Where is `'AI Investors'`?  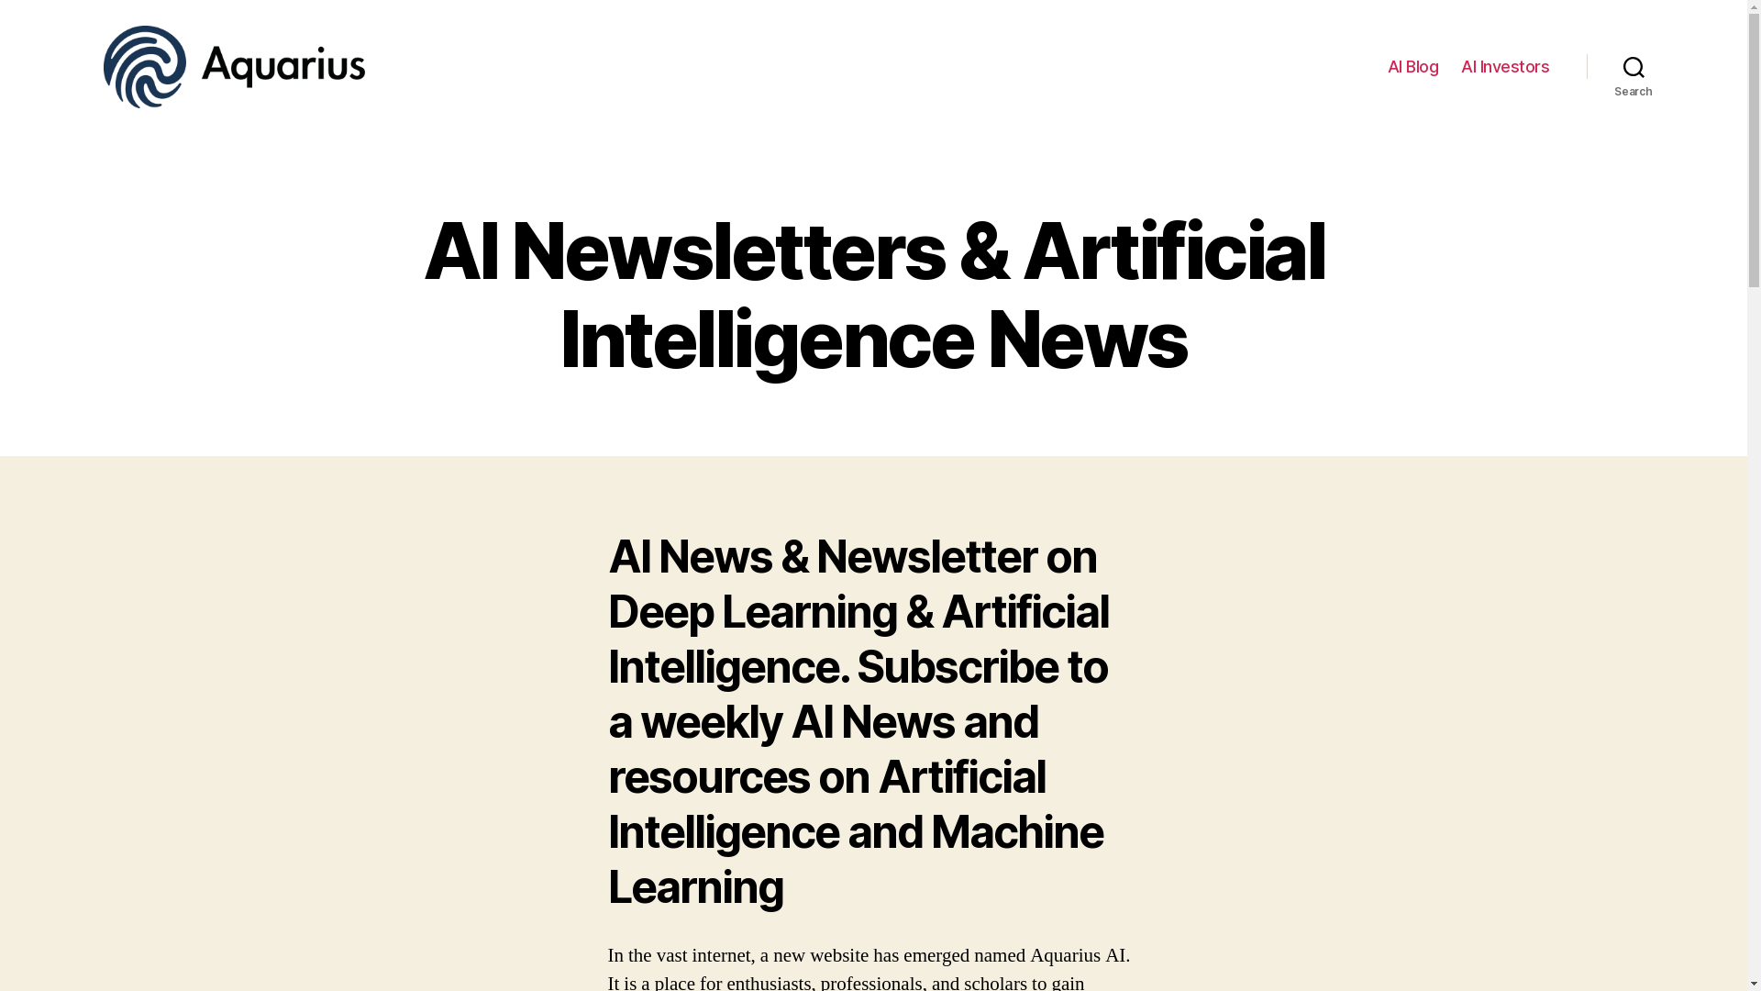
'AI Investors' is located at coordinates (1460, 66).